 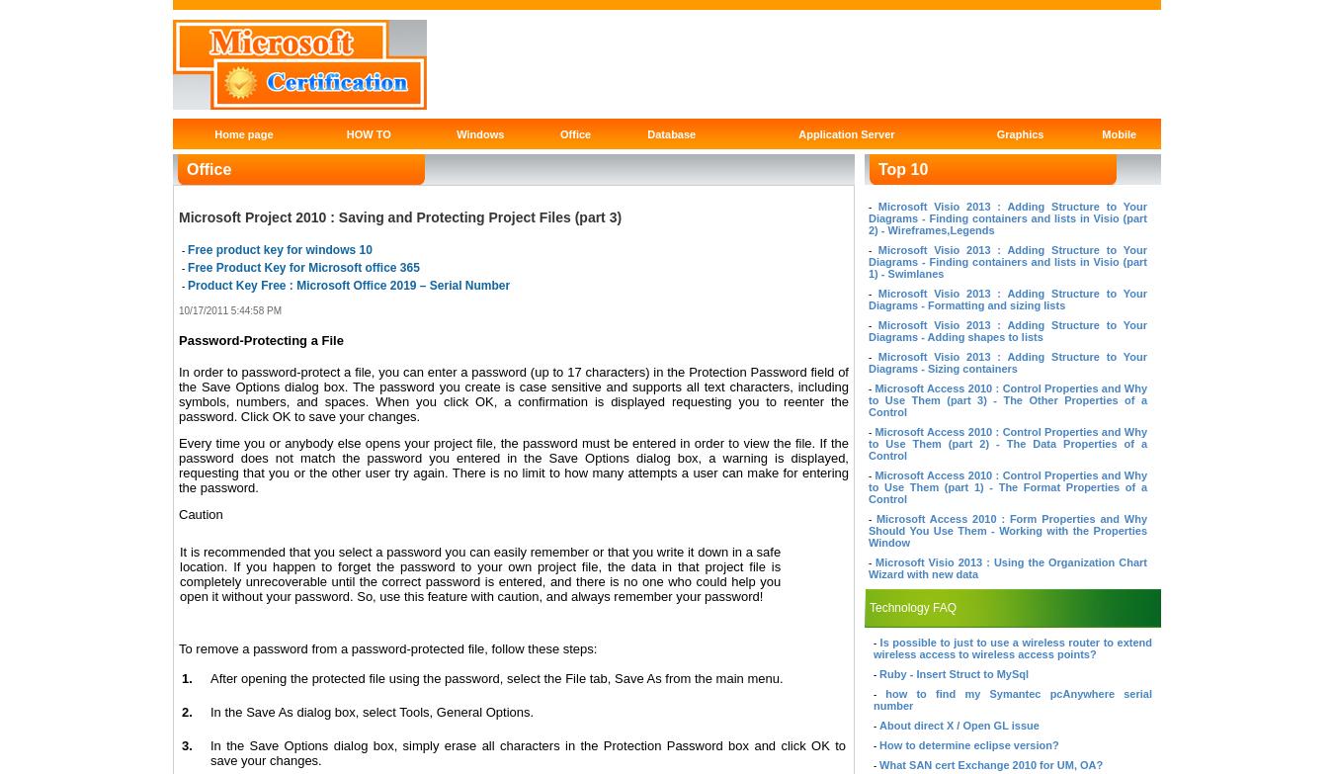 What do you see at coordinates (479, 132) in the screenshot?
I see `'Windows'` at bounding box center [479, 132].